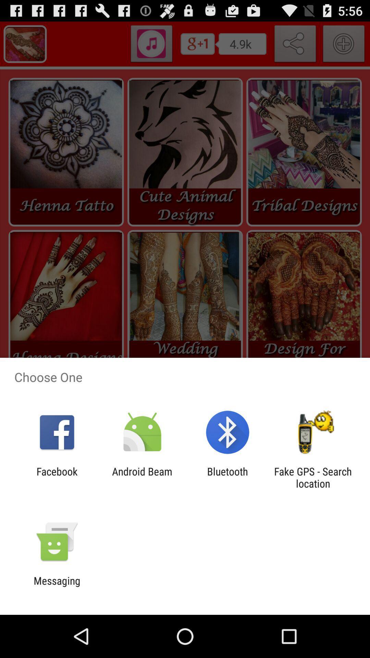 This screenshot has width=370, height=658. I want to click on the fake gps search, so click(313, 477).